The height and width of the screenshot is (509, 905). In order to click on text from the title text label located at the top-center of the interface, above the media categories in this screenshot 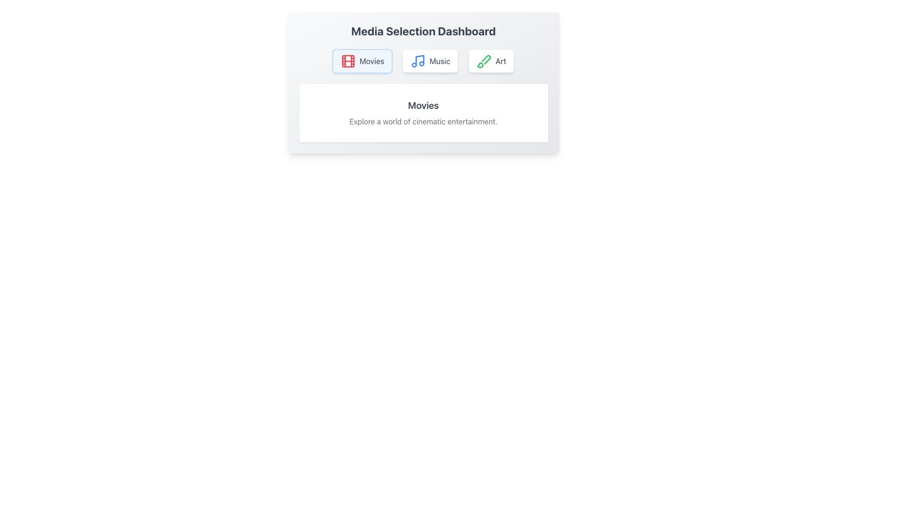, I will do `click(423, 30)`.